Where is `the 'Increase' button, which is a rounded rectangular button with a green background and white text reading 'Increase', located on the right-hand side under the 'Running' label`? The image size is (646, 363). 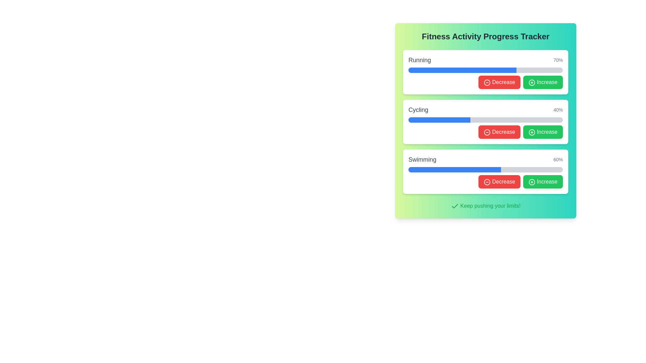
the 'Increase' button, which is a rounded rectangular button with a green background and white text reading 'Increase', located on the right-hand side under the 'Running' label is located at coordinates (543, 82).